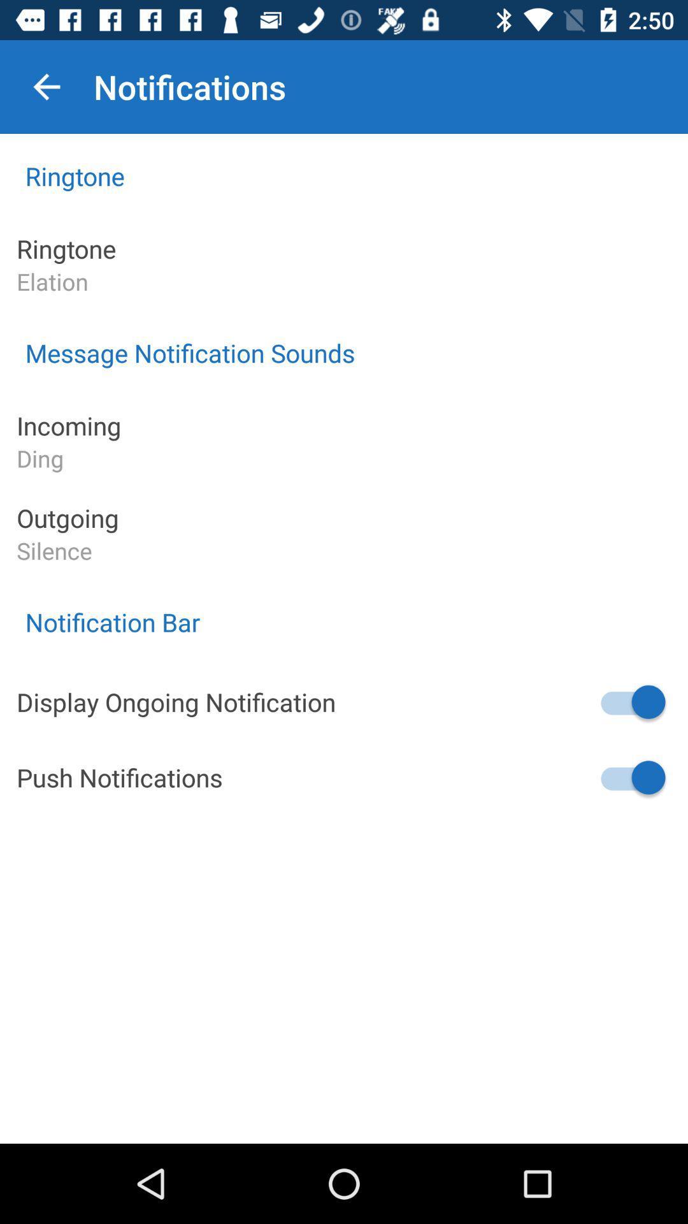 This screenshot has height=1224, width=688. Describe the element at coordinates (46, 86) in the screenshot. I see `icon next to notifications icon` at that location.